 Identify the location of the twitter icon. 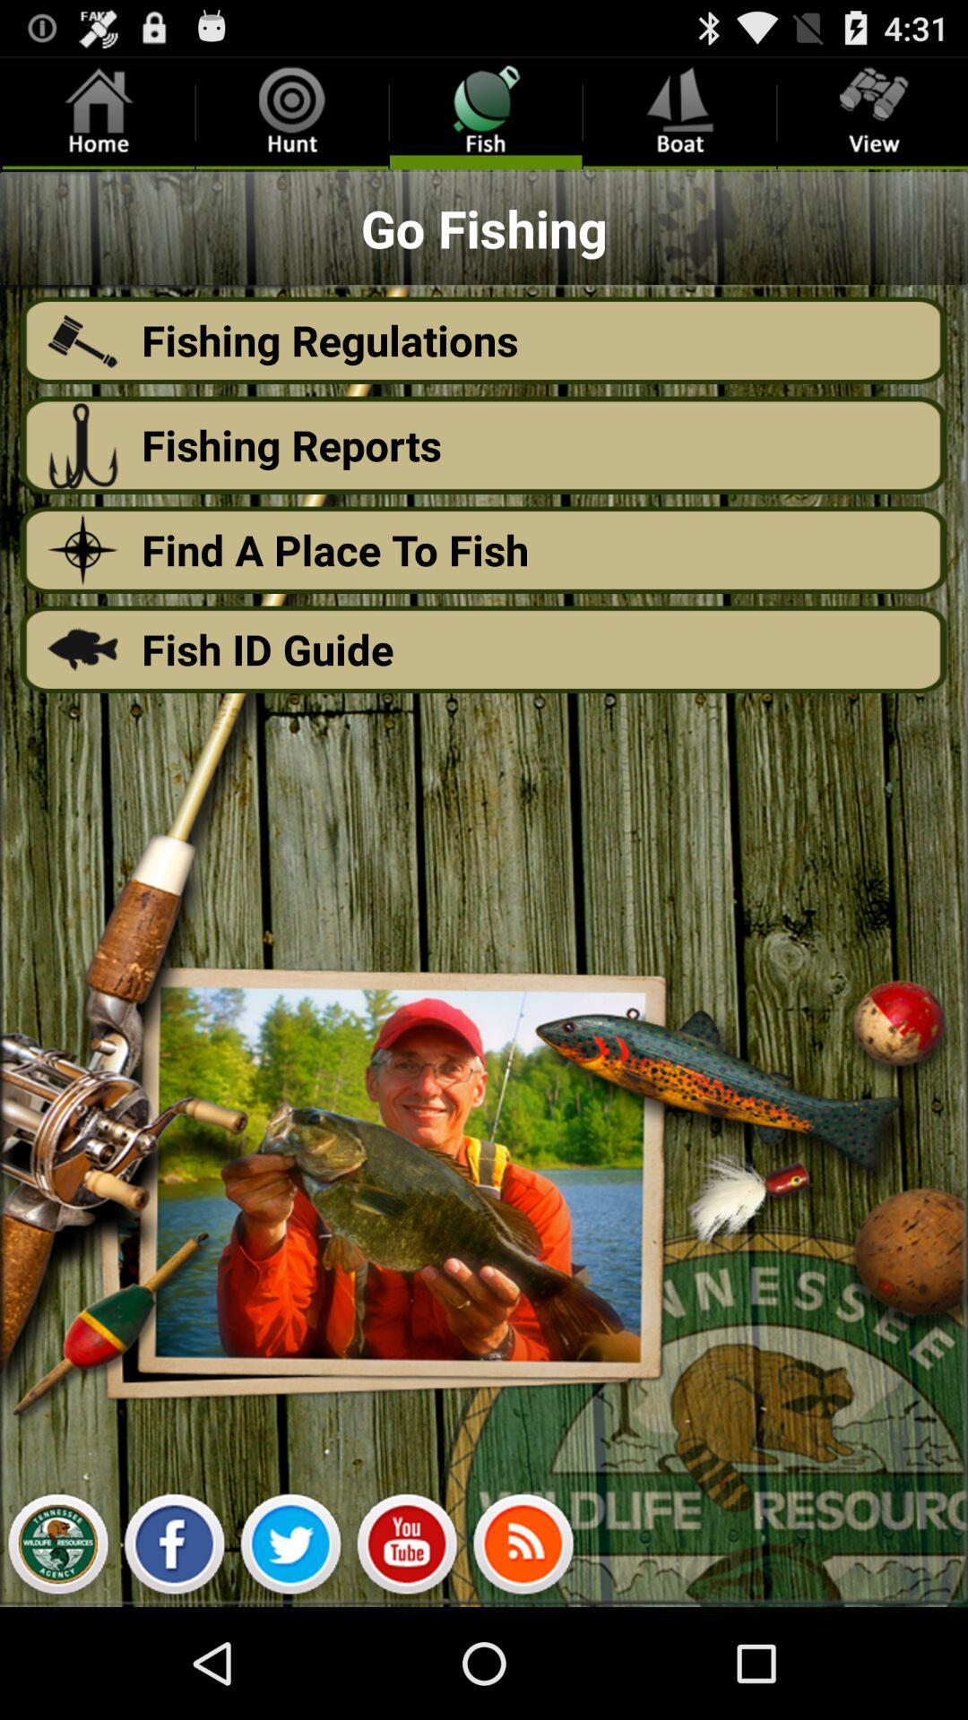
(290, 1656).